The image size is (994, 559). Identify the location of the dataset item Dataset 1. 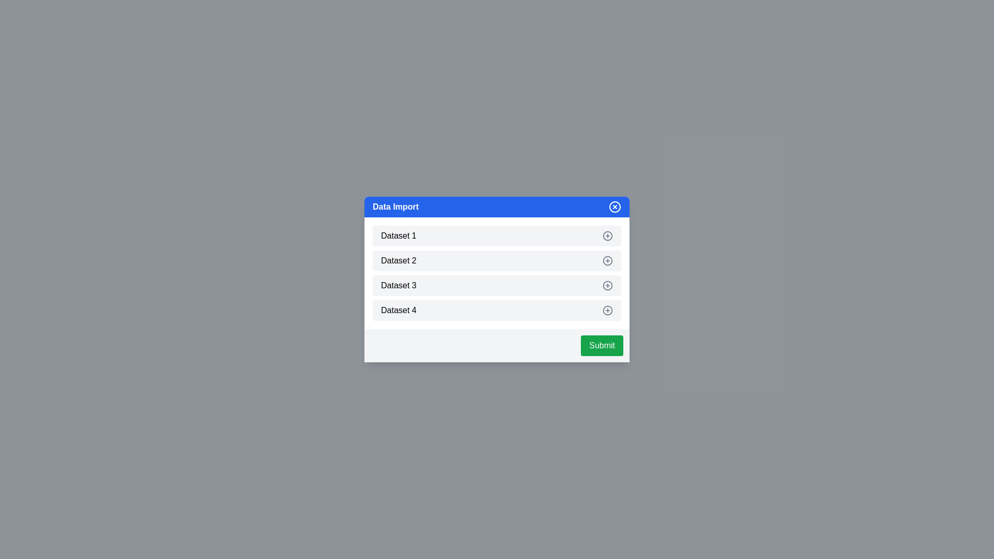
(608, 236).